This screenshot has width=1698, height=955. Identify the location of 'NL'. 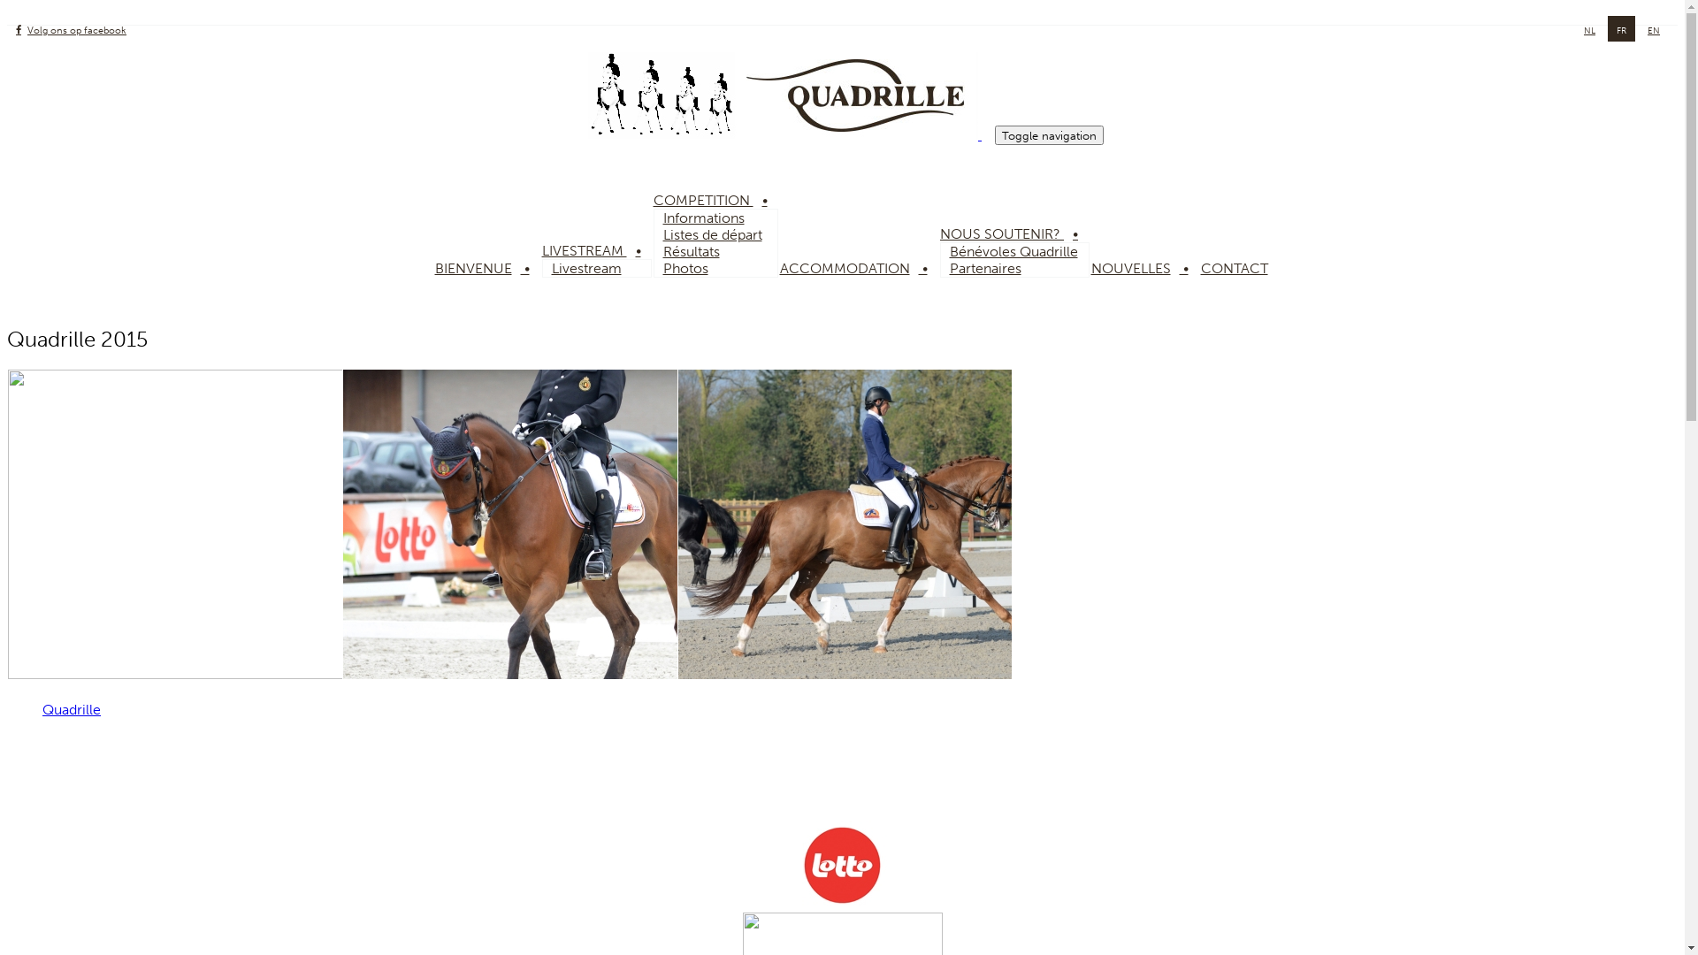
(1589, 30).